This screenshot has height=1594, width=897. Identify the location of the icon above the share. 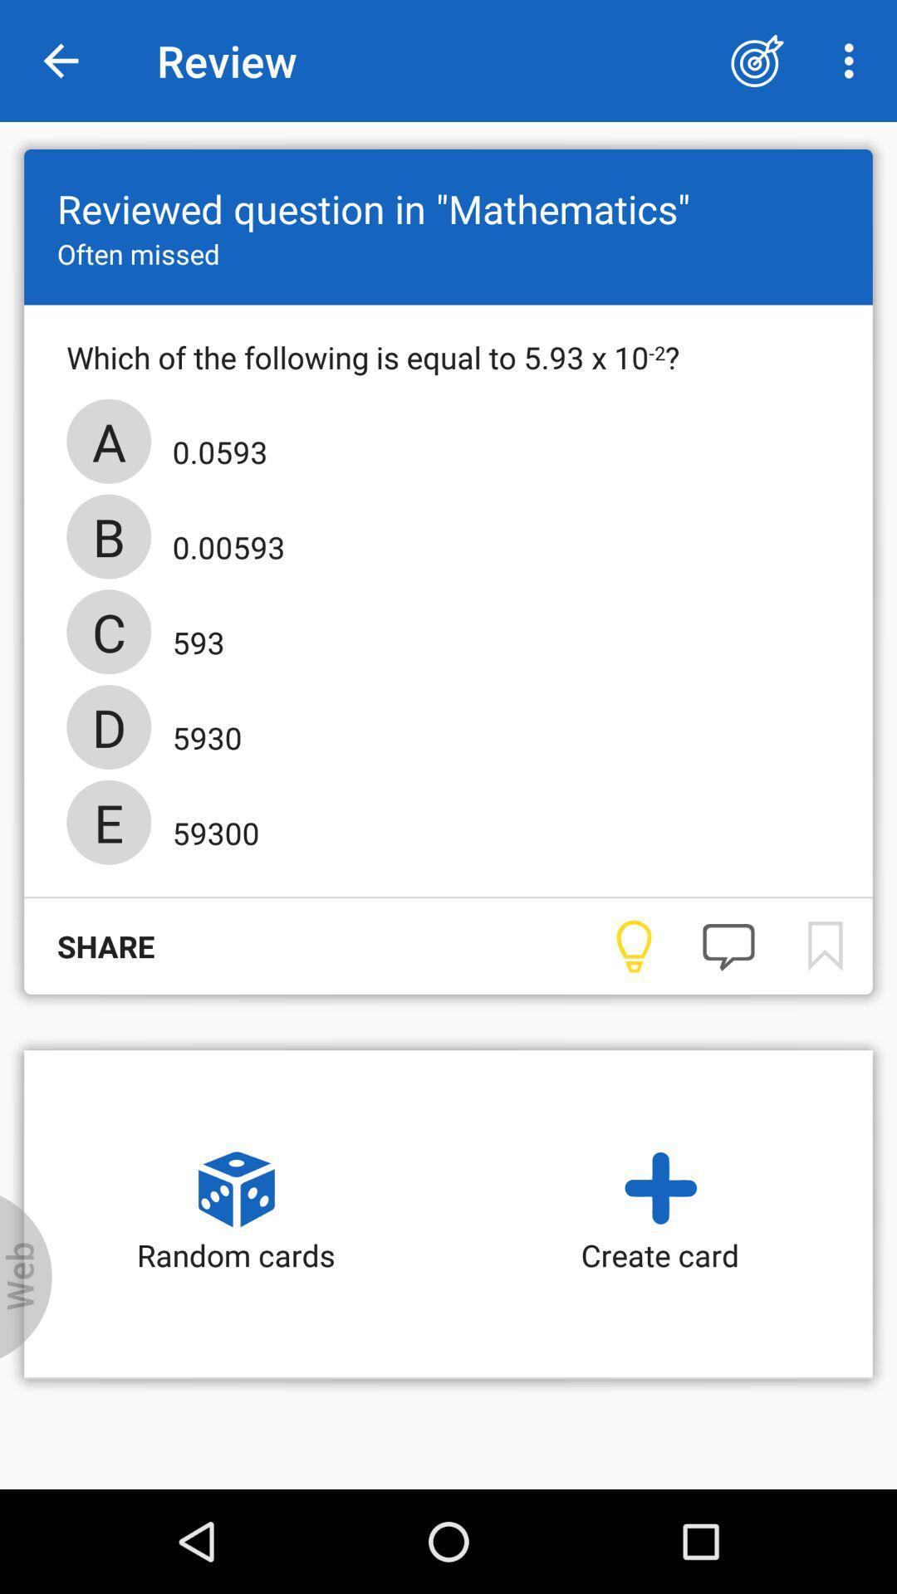
(209, 828).